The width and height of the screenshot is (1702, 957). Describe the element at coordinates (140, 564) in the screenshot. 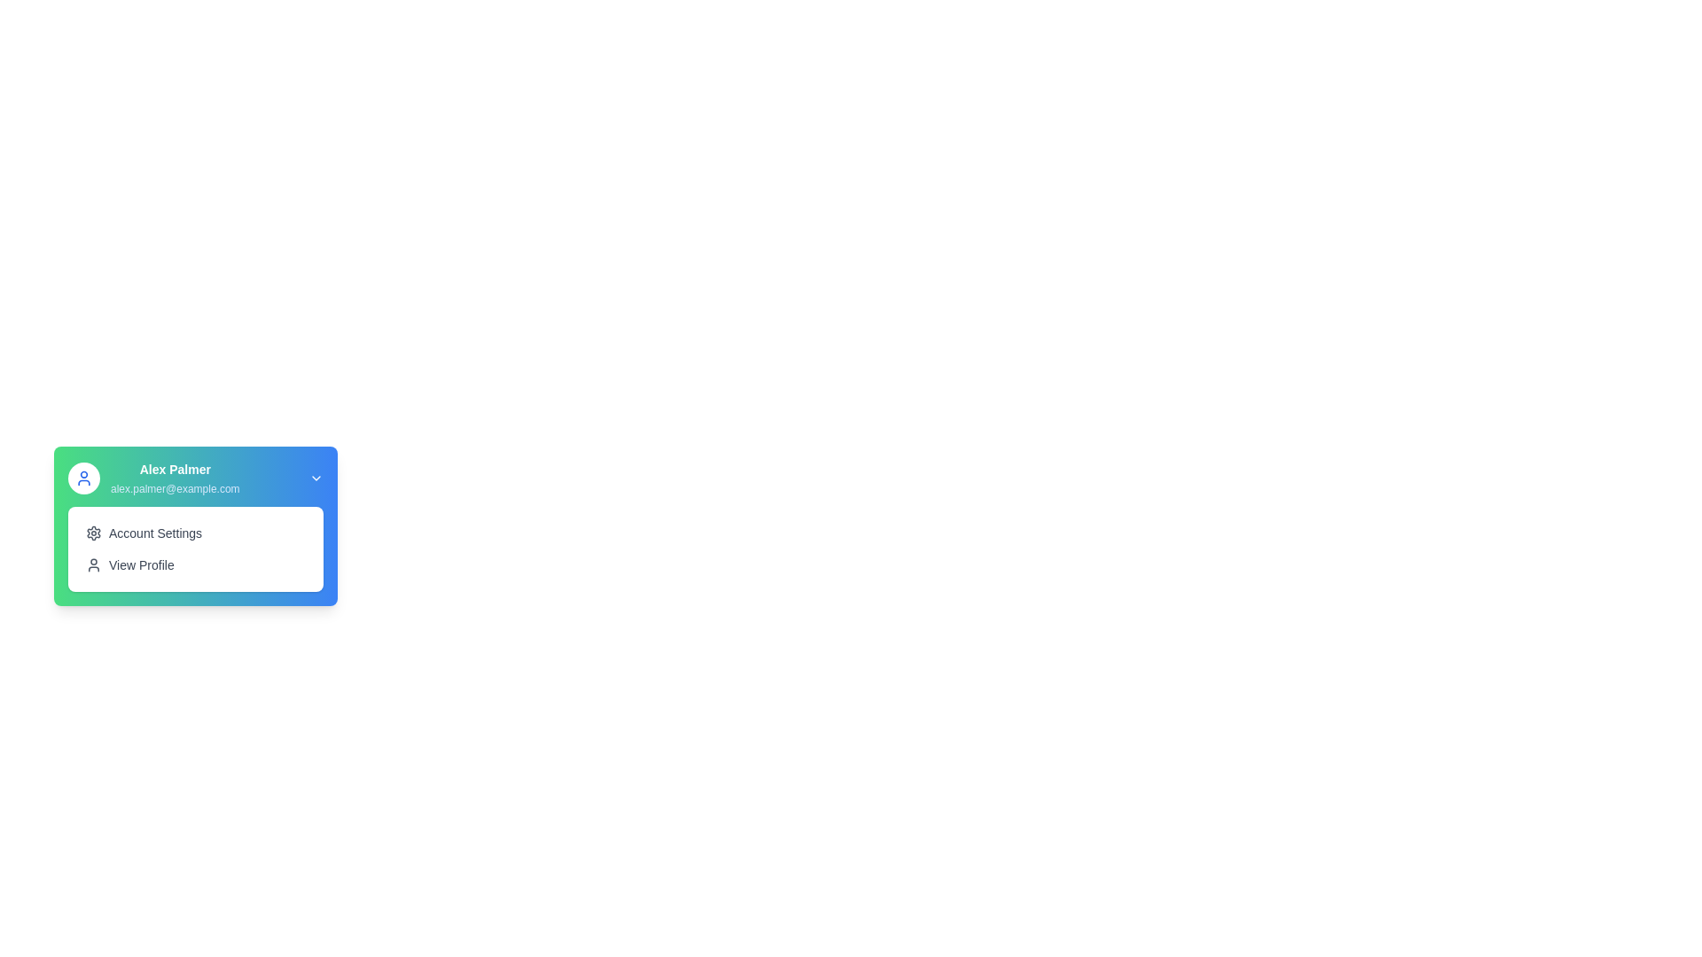

I see `the text label that serves as a navigation link` at that location.